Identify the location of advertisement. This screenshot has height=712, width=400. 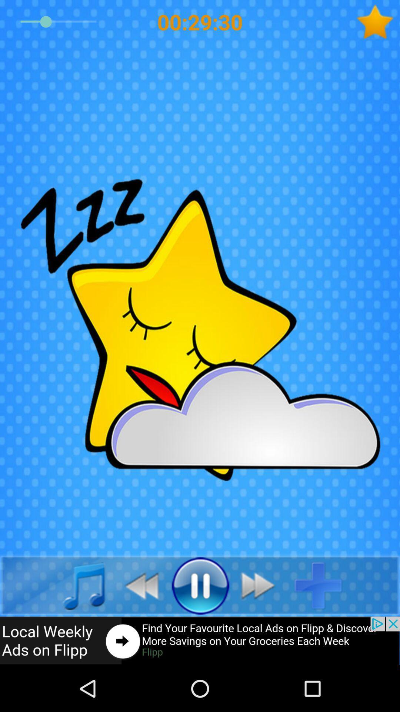
(200, 640).